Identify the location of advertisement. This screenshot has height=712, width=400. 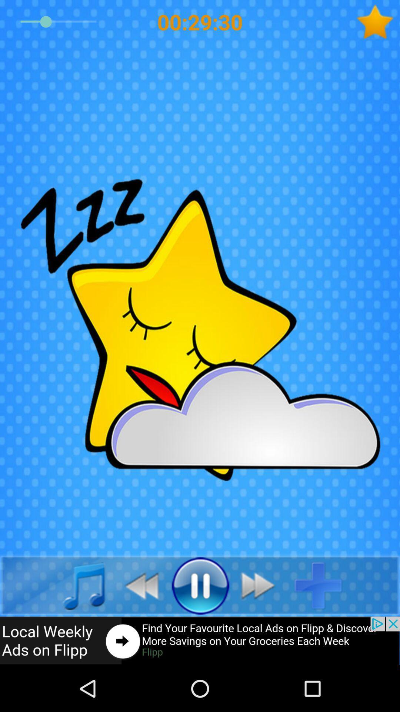
(200, 640).